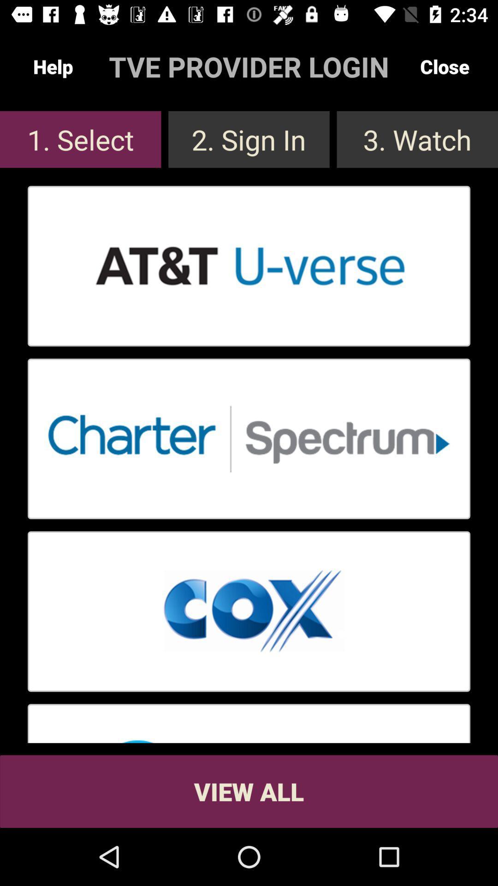  What do you see at coordinates (53, 66) in the screenshot?
I see `app next to tve provider login` at bounding box center [53, 66].